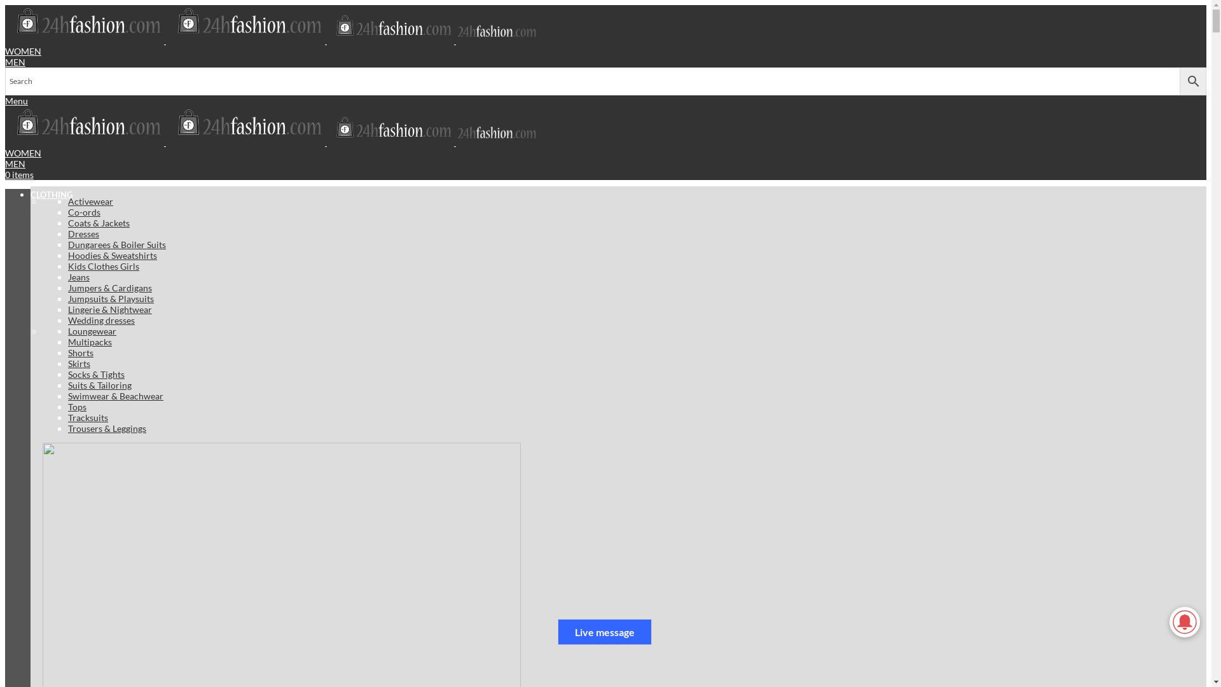  Describe the element at coordinates (98, 222) in the screenshot. I see `'Coats & Jackets'` at that location.